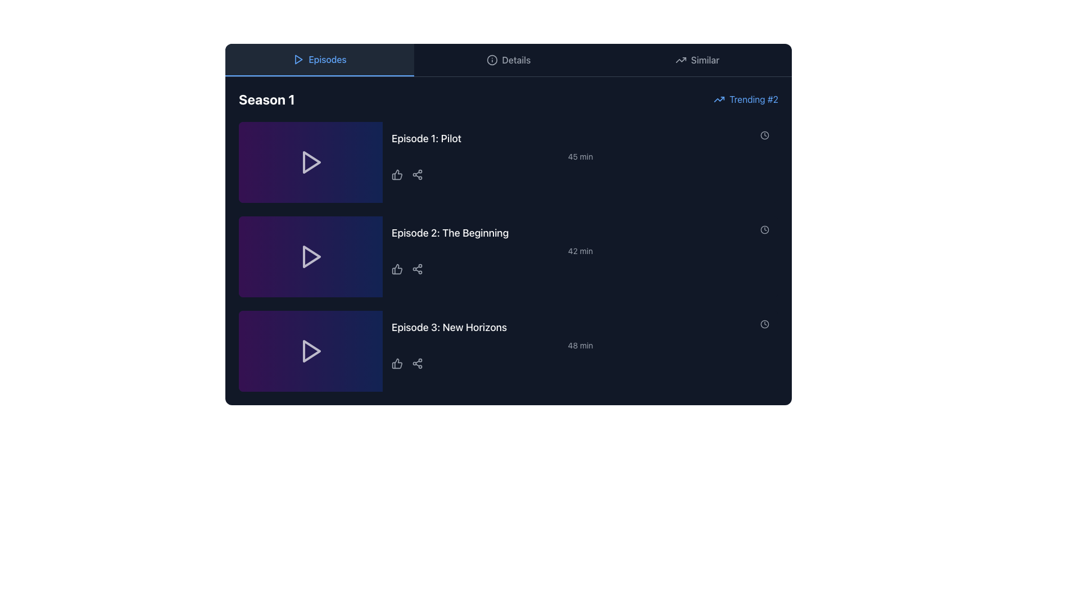 The image size is (1079, 607). Describe the element at coordinates (397, 269) in the screenshot. I see `the thumbs-up icon to like the episode located next to 'Episode 2: The Beginning'` at that location.